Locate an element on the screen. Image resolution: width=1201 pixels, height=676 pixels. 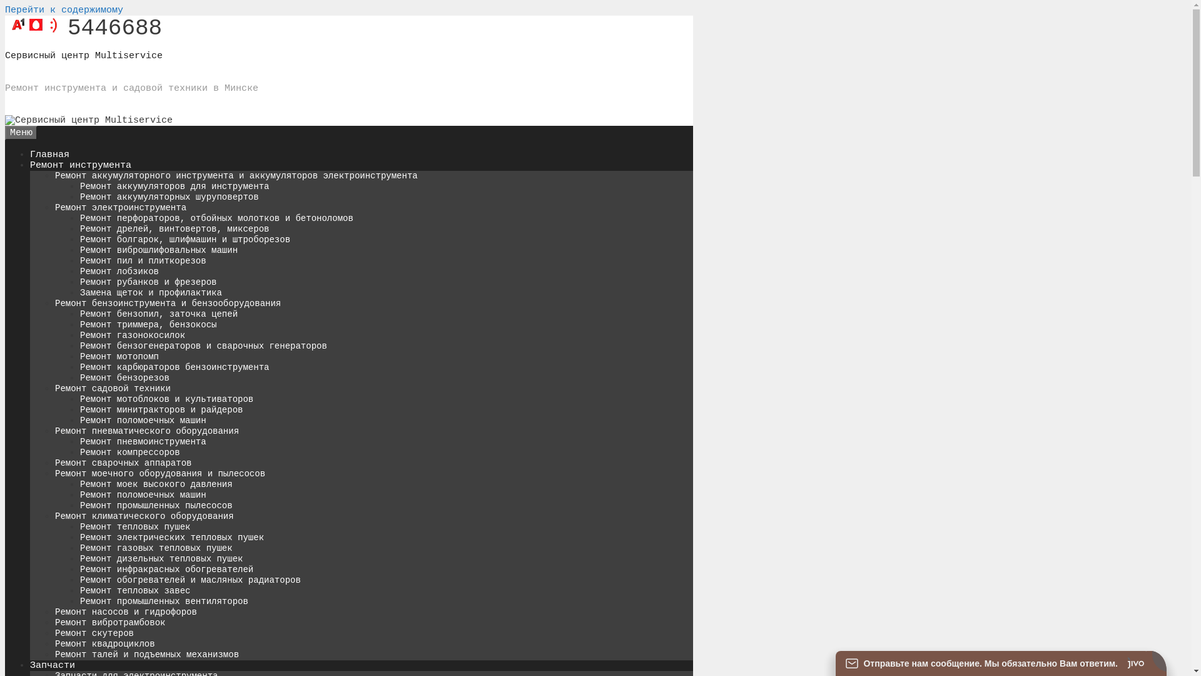
'5446688' is located at coordinates (83, 28).